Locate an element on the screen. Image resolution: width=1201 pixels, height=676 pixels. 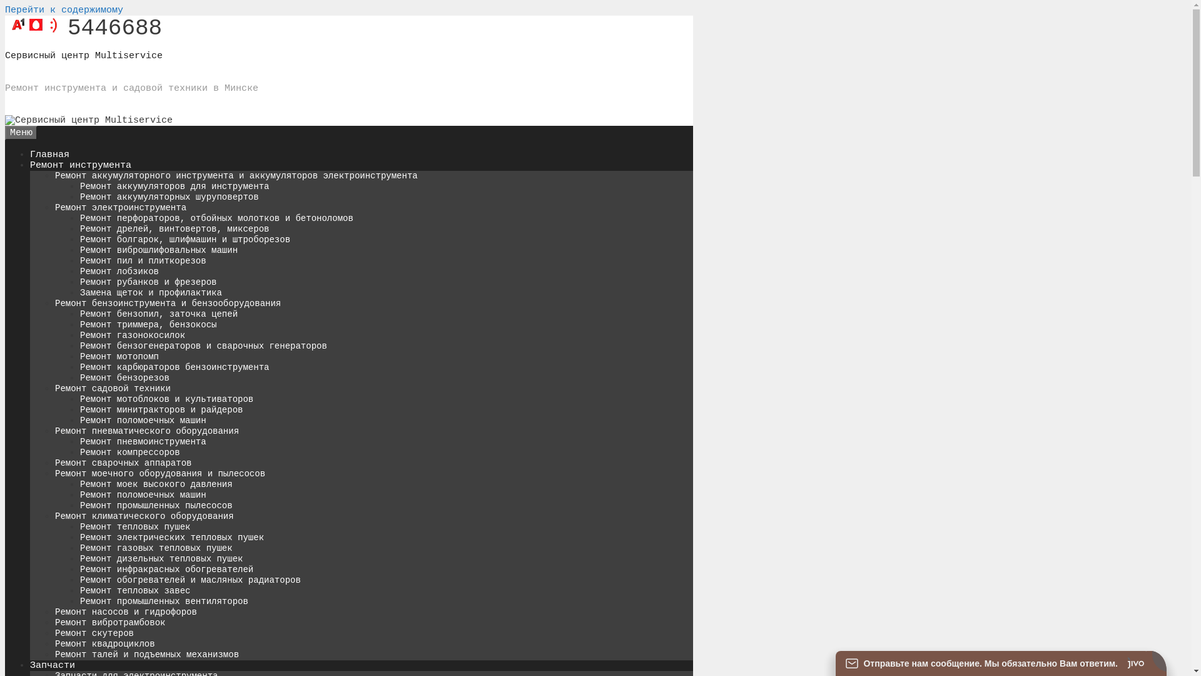
'5446688' is located at coordinates (83, 28).